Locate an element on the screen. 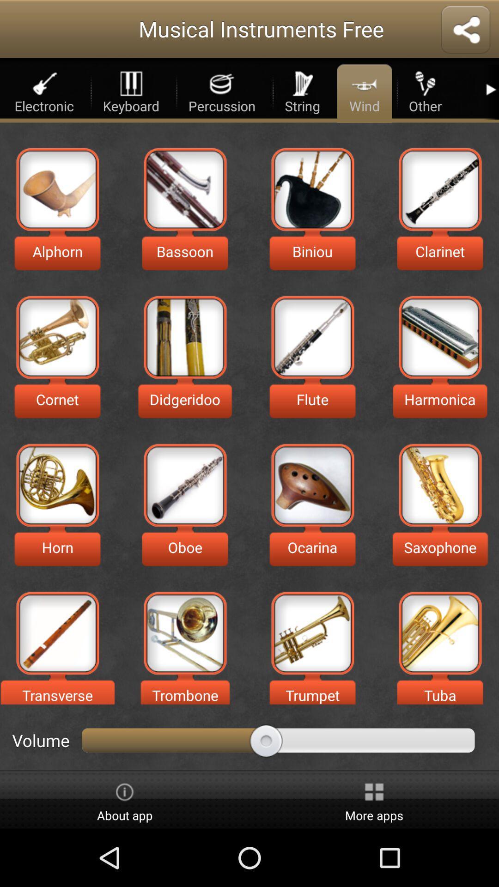 Image resolution: width=499 pixels, height=887 pixels. tuba instrument is located at coordinates (439, 632).